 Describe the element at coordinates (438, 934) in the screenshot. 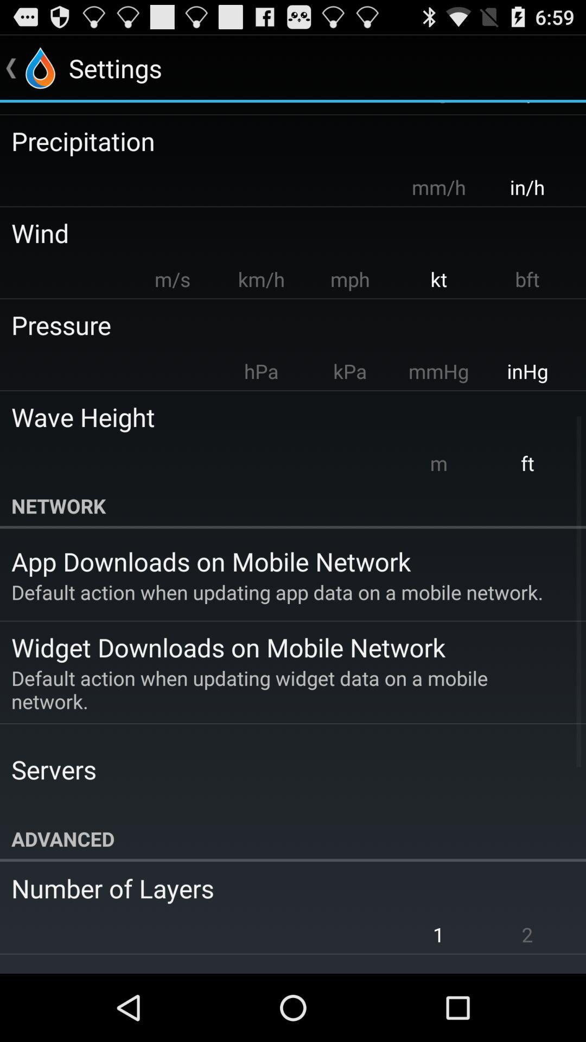

I see `the app below the number of layers app` at that location.